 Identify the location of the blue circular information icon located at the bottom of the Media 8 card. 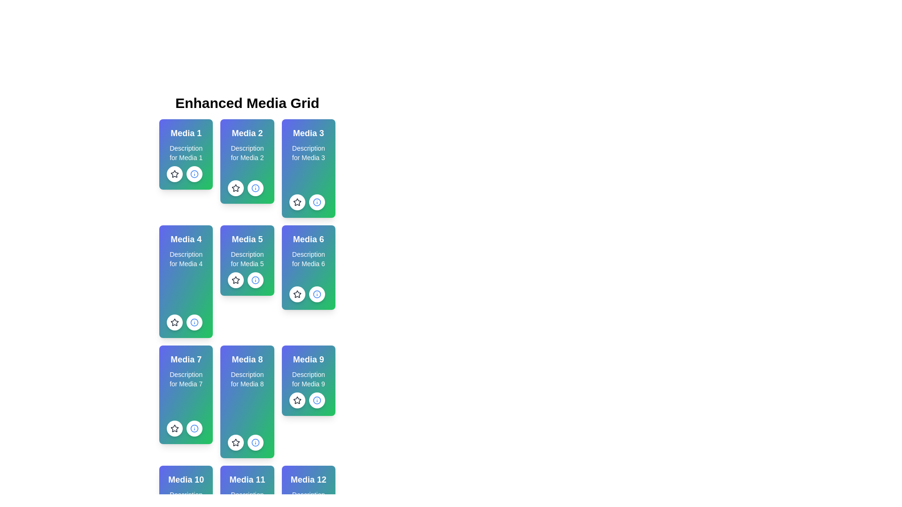
(256, 442).